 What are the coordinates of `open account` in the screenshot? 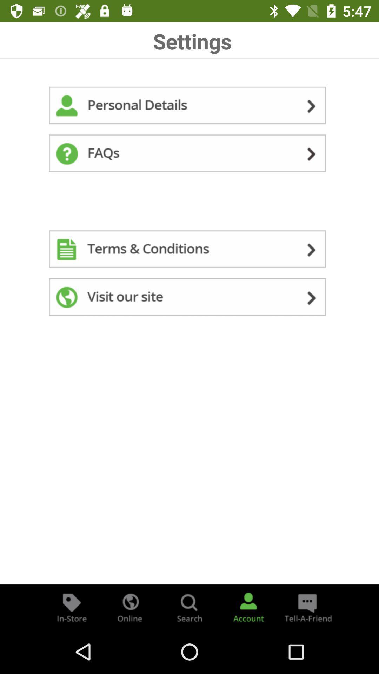 It's located at (248, 607).